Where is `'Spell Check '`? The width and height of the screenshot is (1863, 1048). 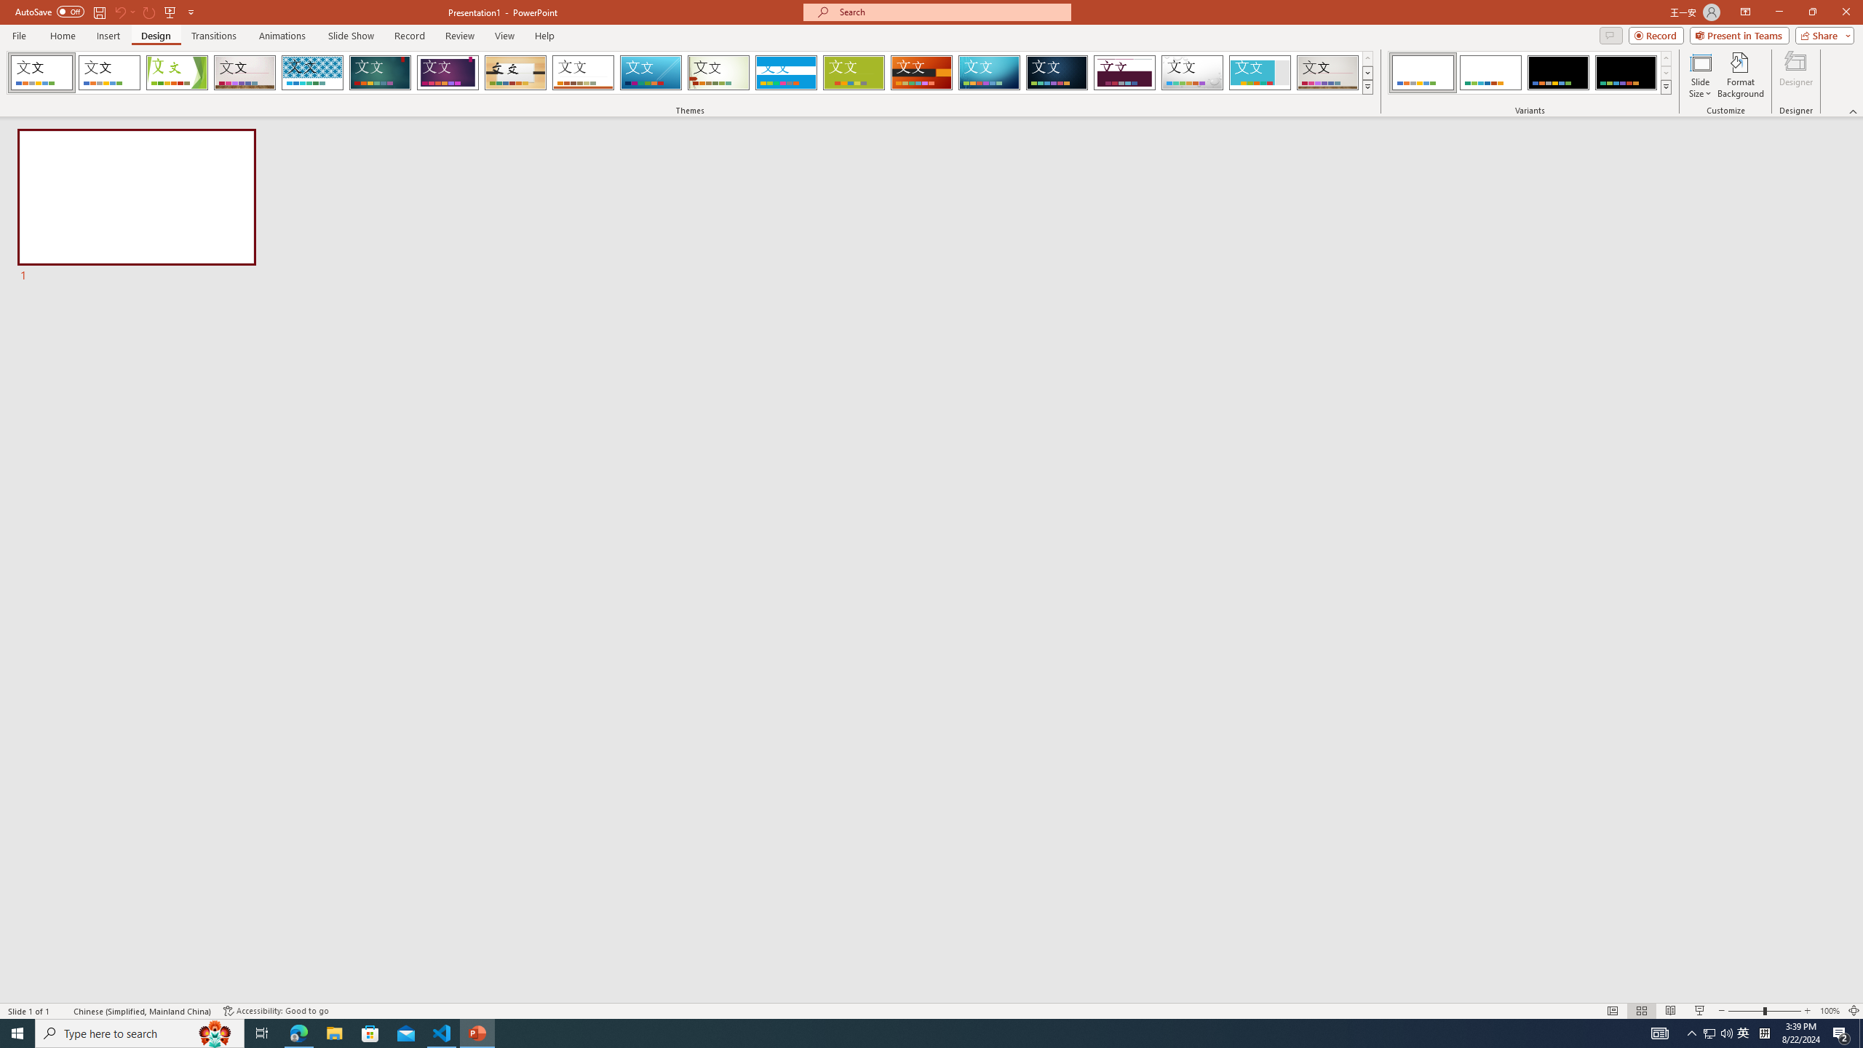 'Spell Check ' is located at coordinates (63, 1011).